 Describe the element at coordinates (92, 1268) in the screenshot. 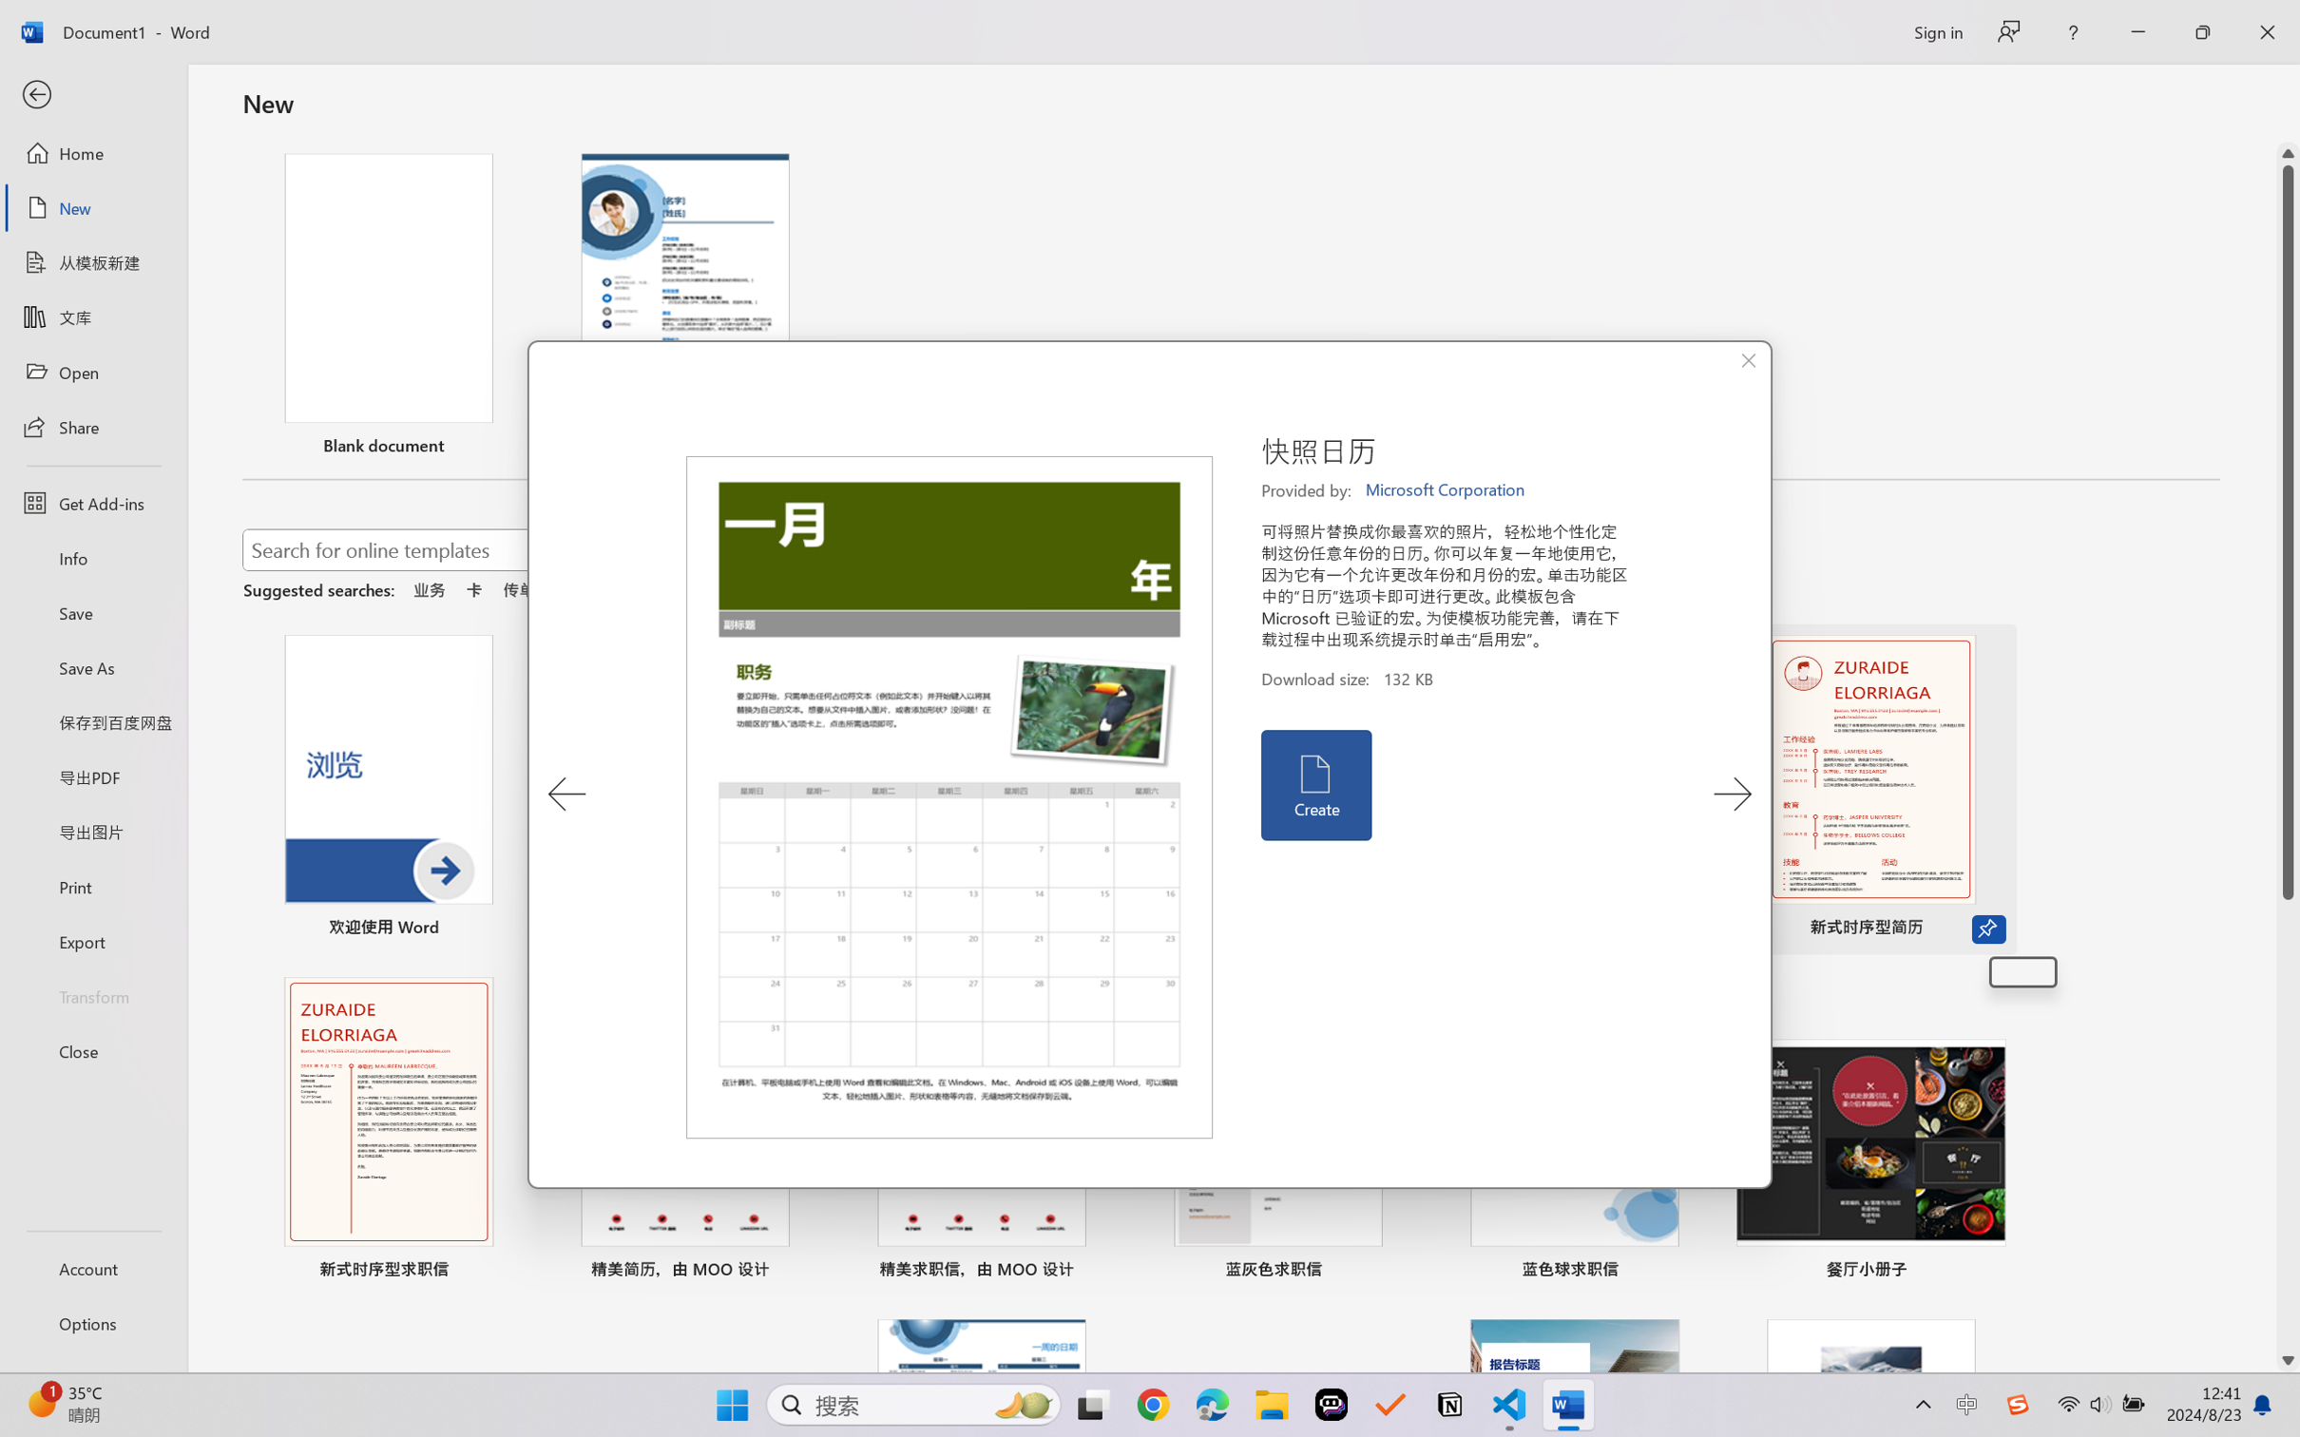

I see `'Account'` at that location.